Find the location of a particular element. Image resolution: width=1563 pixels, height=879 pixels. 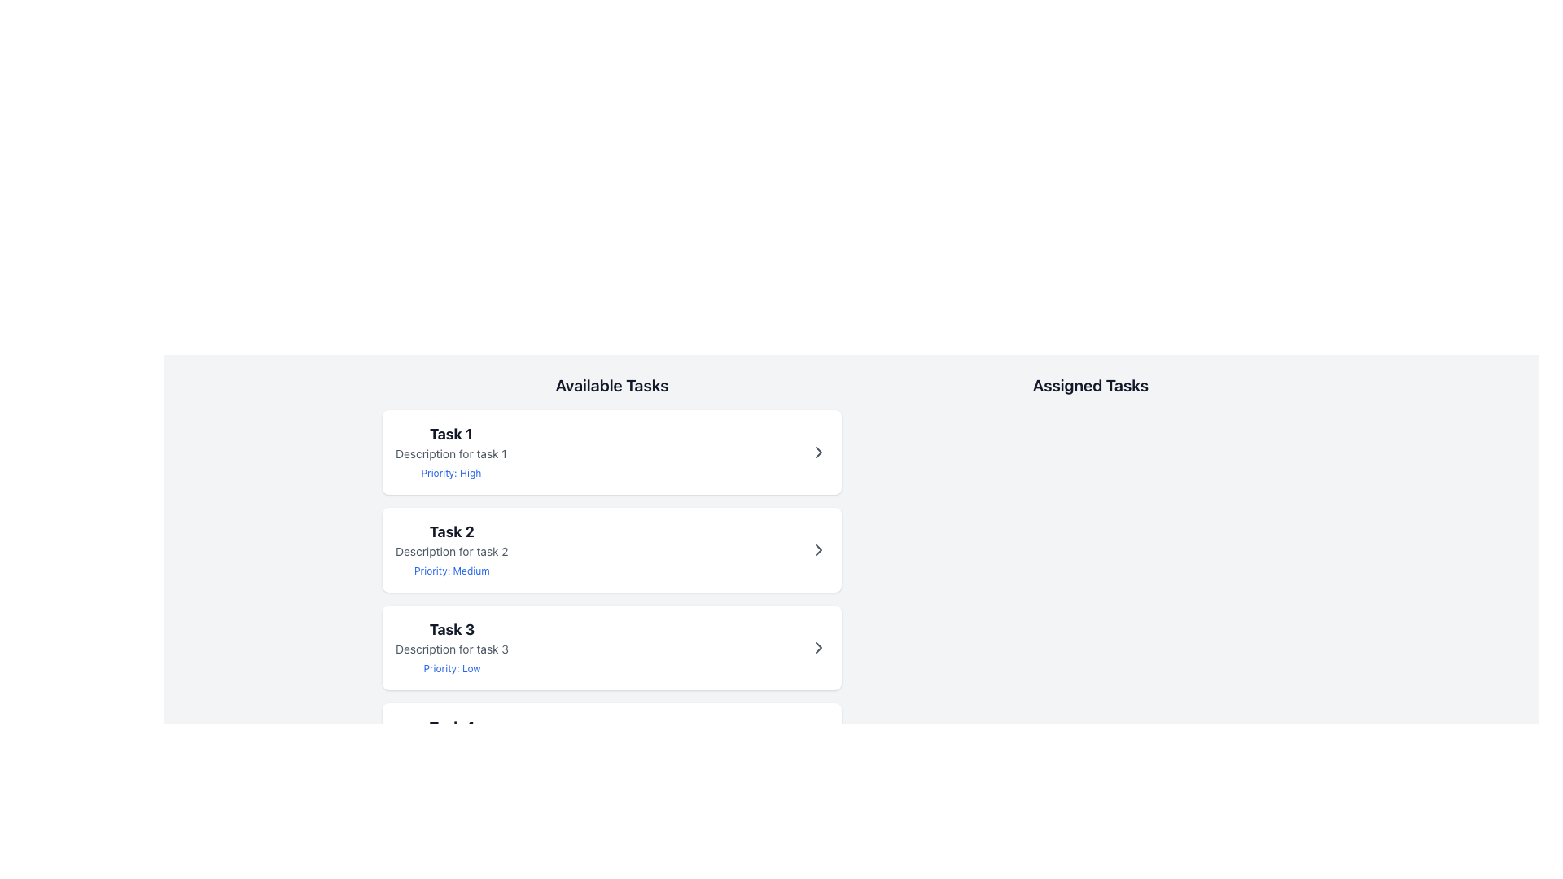

the text label indicating the priority level of 'Task 3' as 'Low.' is located at coordinates (452, 668).